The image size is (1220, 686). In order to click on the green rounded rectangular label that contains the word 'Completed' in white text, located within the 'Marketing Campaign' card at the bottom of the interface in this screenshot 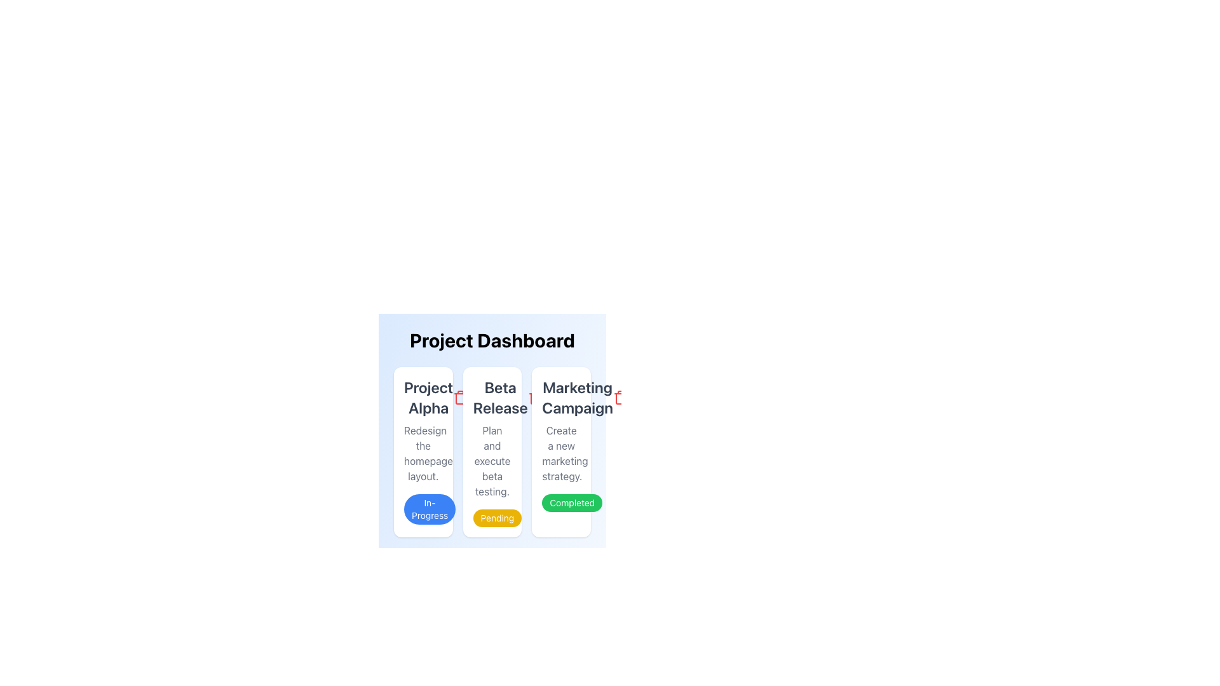, I will do `click(571, 502)`.